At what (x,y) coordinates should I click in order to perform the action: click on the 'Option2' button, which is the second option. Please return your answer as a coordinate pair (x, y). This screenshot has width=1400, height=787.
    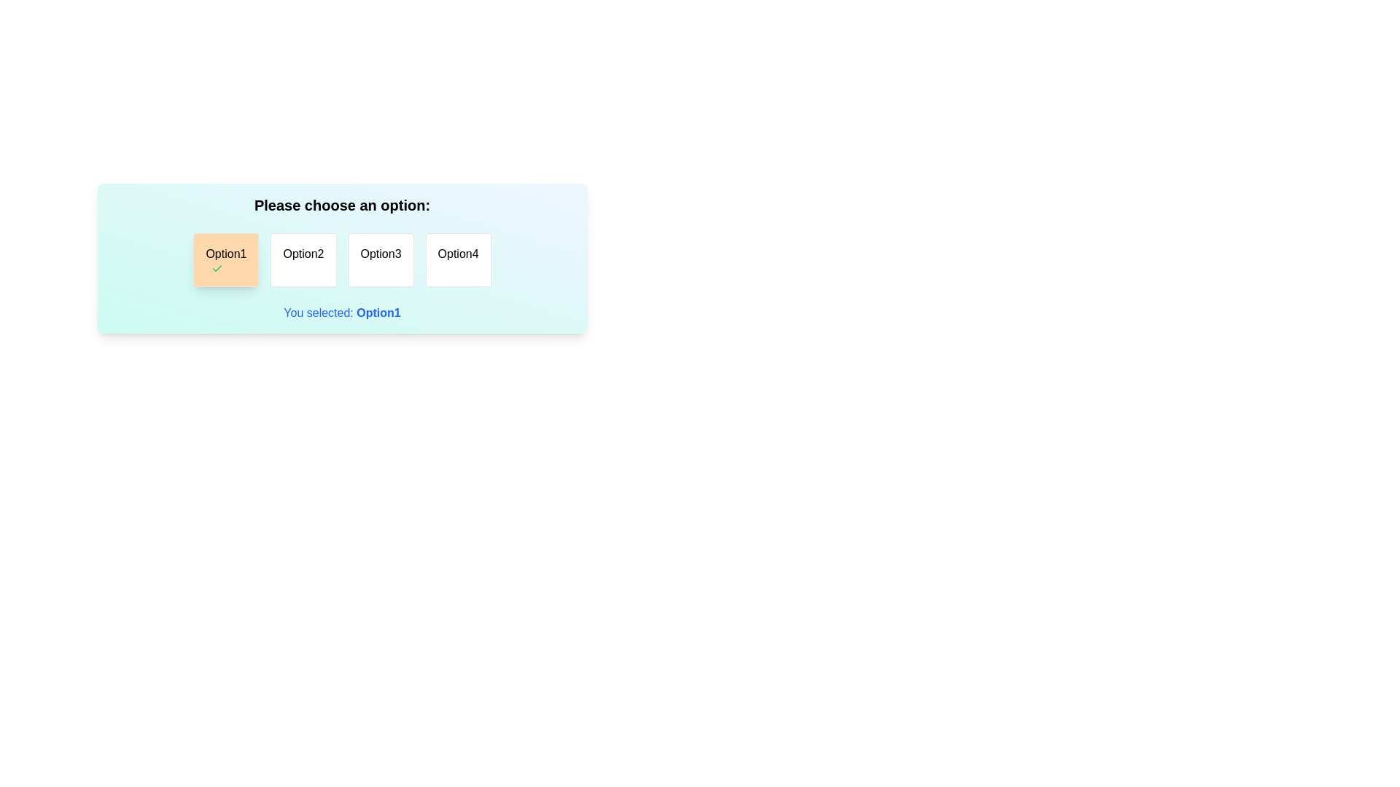
    Looking at the image, I should click on (303, 252).